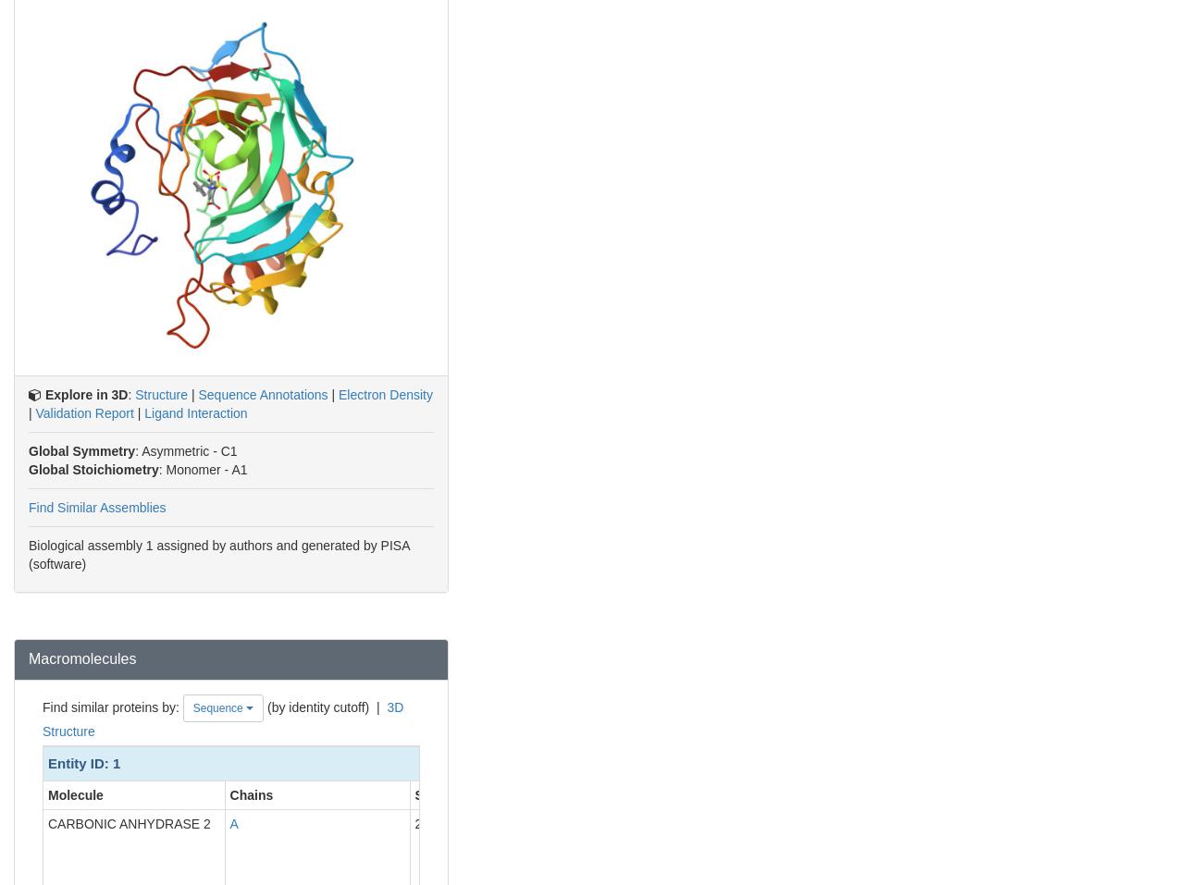 The width and height of the screenshot is (1199, 885). What do you see at coordinates (467, 793) in the screenshot?
I see `'Sequence Length'` at bounding box center [467, 793].